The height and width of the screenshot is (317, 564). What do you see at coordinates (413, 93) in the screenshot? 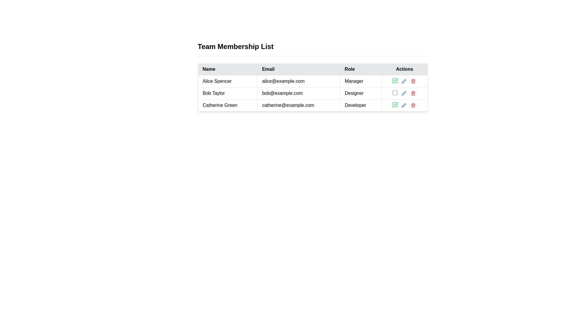
I see `the red trash bin icon button in the actions column of the second row` at bounding box center [413, 93].